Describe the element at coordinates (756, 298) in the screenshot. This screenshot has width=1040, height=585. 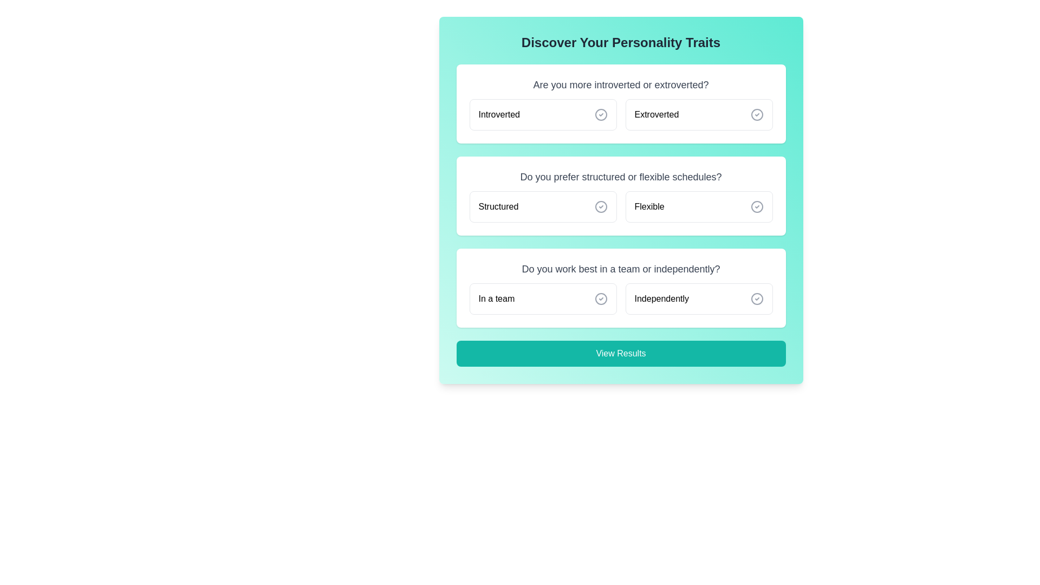
I see `the selectable state icon associated with the option 'Independently', located at the far-right of the box labeled 'Independently' in the third question block of the form interface` at that location.